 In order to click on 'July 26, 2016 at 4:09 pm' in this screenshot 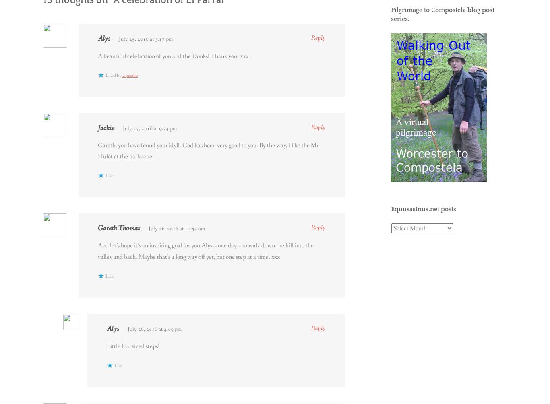, I will do `click(128, 328)`.